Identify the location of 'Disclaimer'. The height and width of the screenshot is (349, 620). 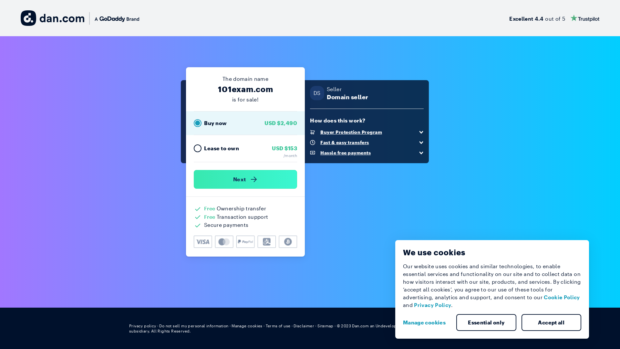
(293, 325).